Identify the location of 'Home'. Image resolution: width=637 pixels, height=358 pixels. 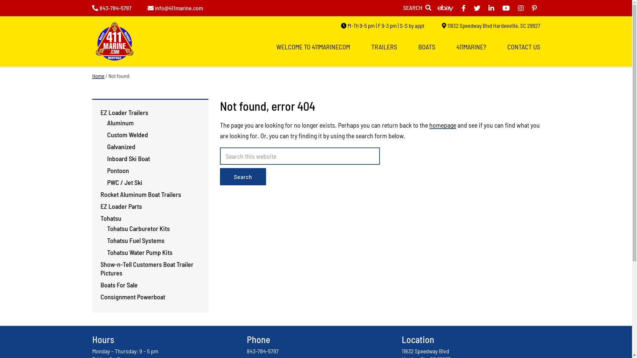
(98, 75).